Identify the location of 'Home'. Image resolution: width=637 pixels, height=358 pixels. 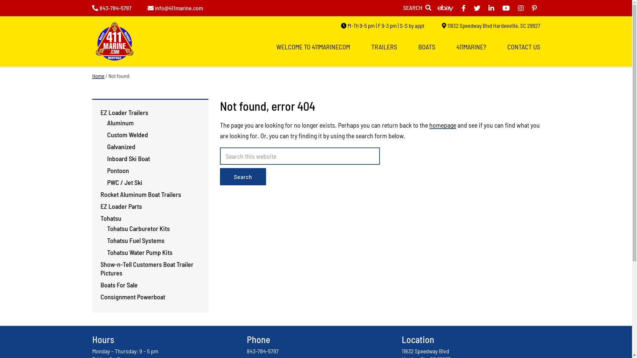
(98, 75).